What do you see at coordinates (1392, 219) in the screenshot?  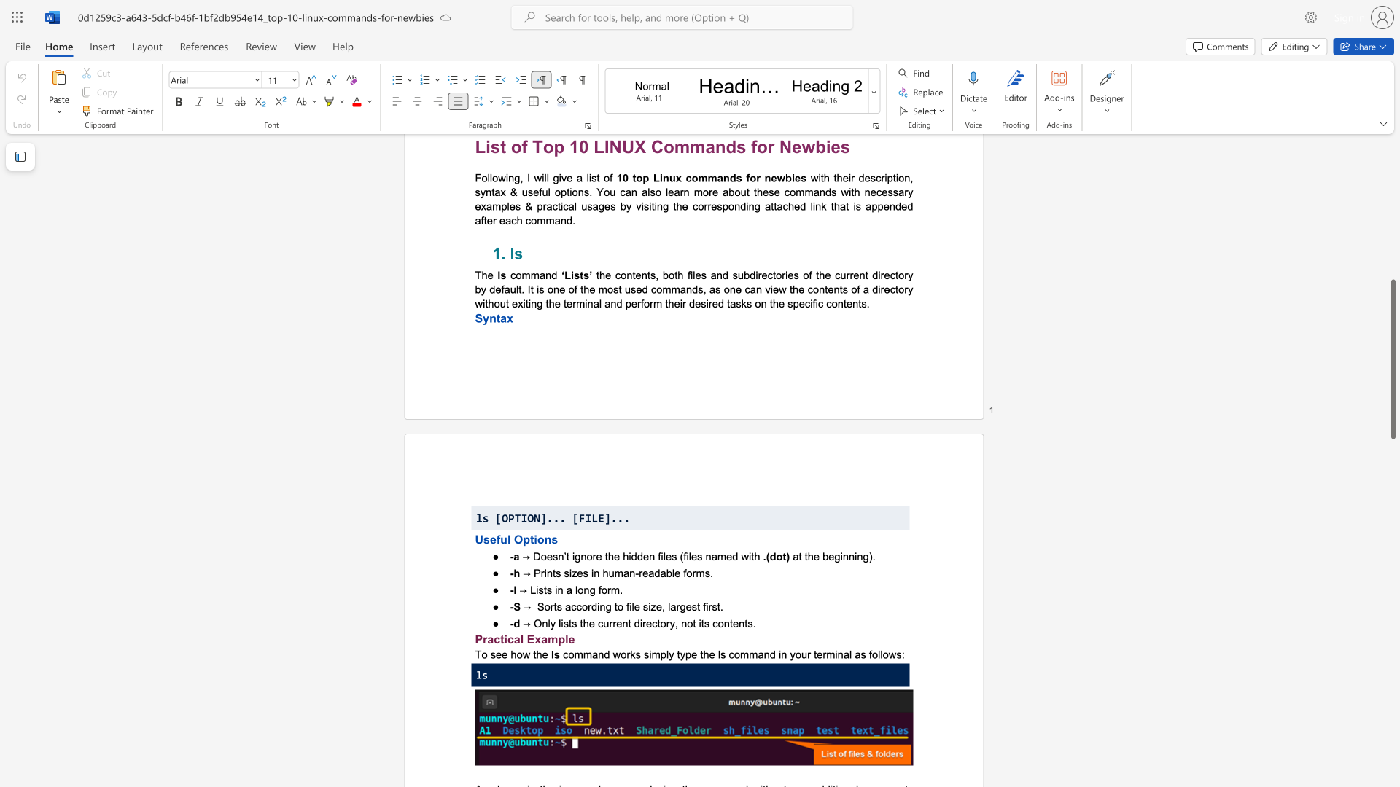 I see `the page's right scrollbar for upward movement` at bounding box center [1392, 219].